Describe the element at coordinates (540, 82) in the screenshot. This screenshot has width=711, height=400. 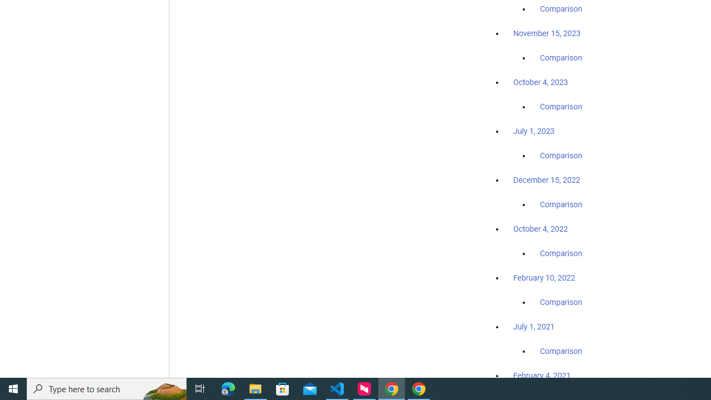
I see `'October 4, 2023'` at that location.